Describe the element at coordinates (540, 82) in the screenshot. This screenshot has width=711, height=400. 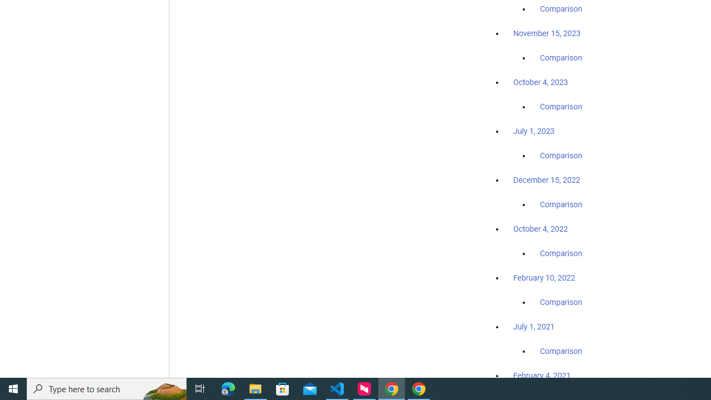
I see `'October 4, 2023'` at that location.